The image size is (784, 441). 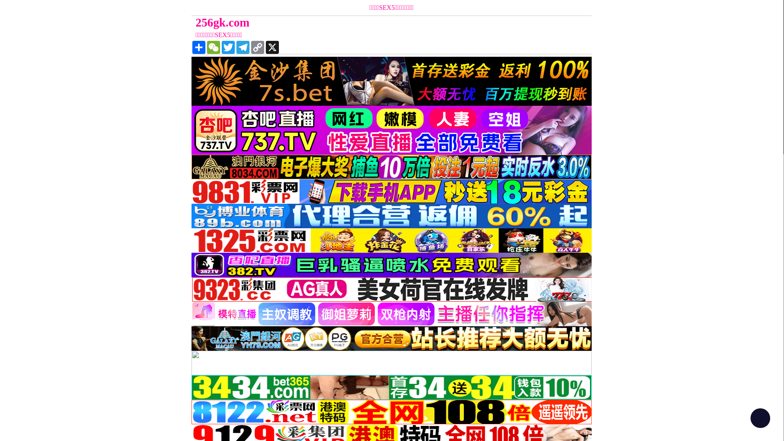 What do you see at coordinates (228, 47) in the screenshot?
I see `'Twitter'` at bounding box center [228, 47].